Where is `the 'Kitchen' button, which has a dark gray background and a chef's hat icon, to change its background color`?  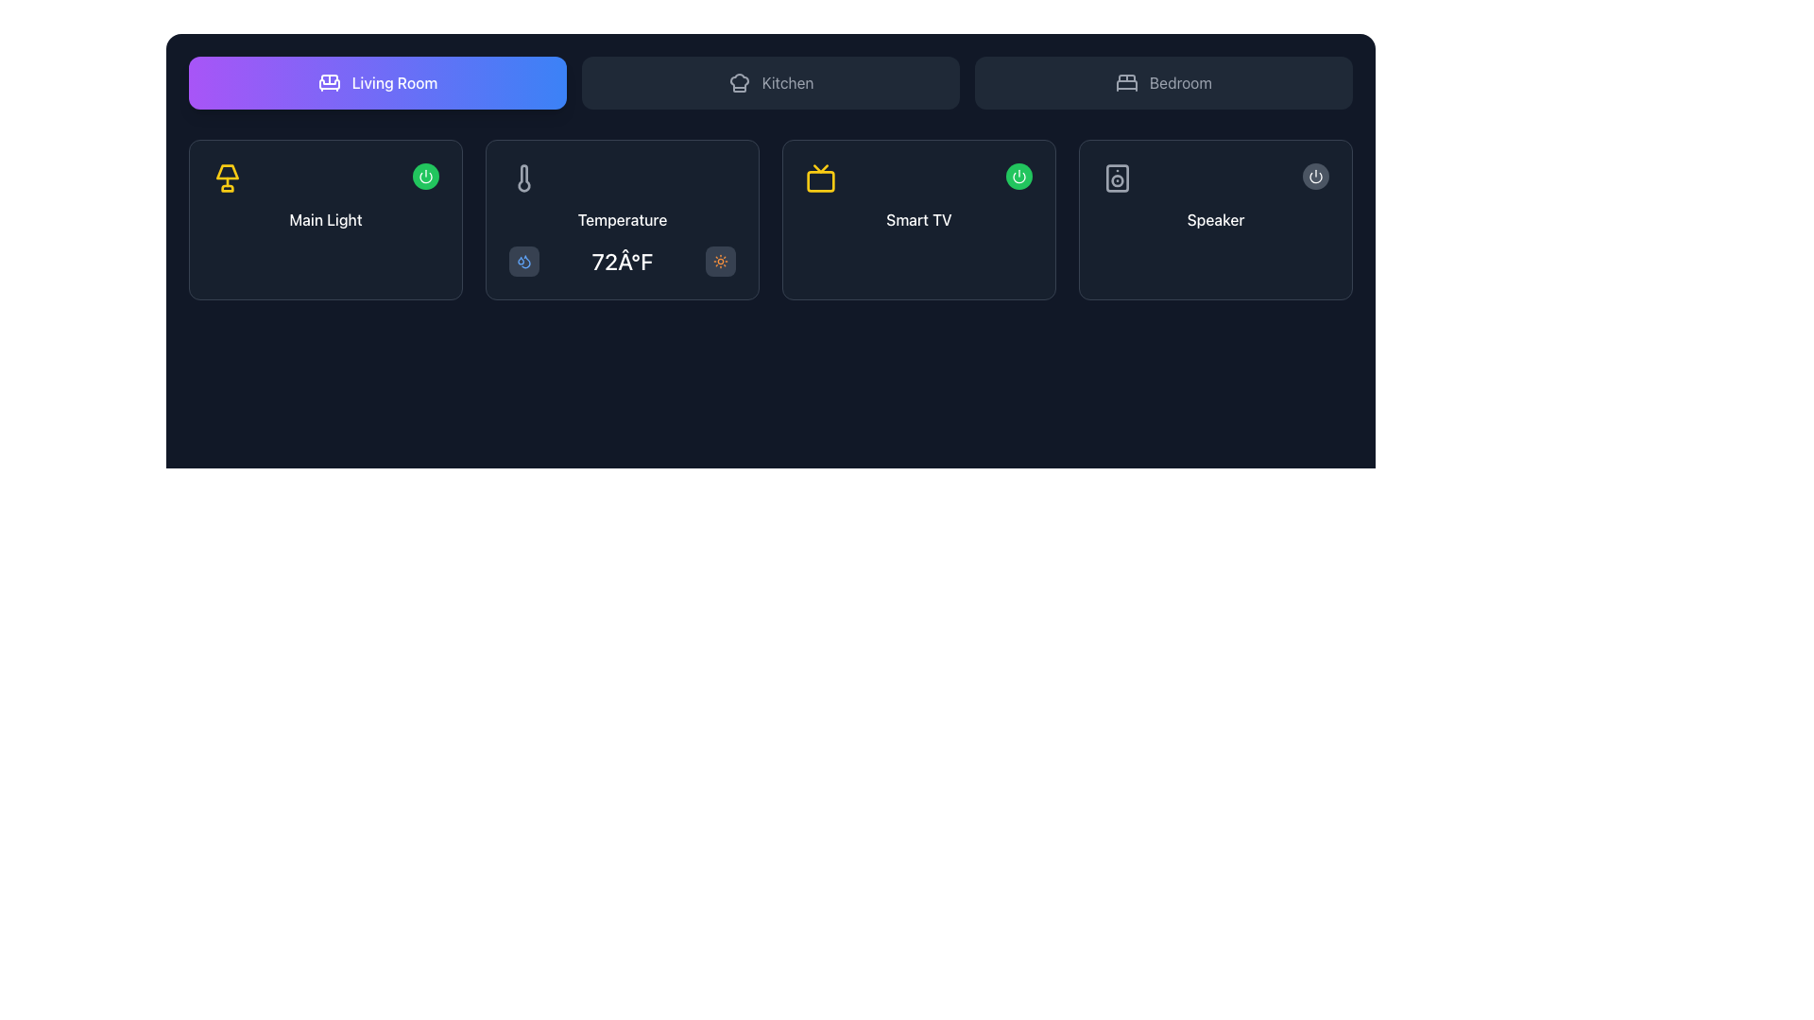
the 'Kitchen' button, which has a dark gray background and a chef's hat icon, to change its background color is located at coordinates (771, 82).